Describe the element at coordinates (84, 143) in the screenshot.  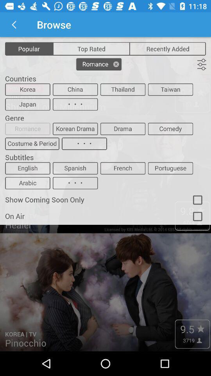
I see `button which is at right side of costume  period` at that location.